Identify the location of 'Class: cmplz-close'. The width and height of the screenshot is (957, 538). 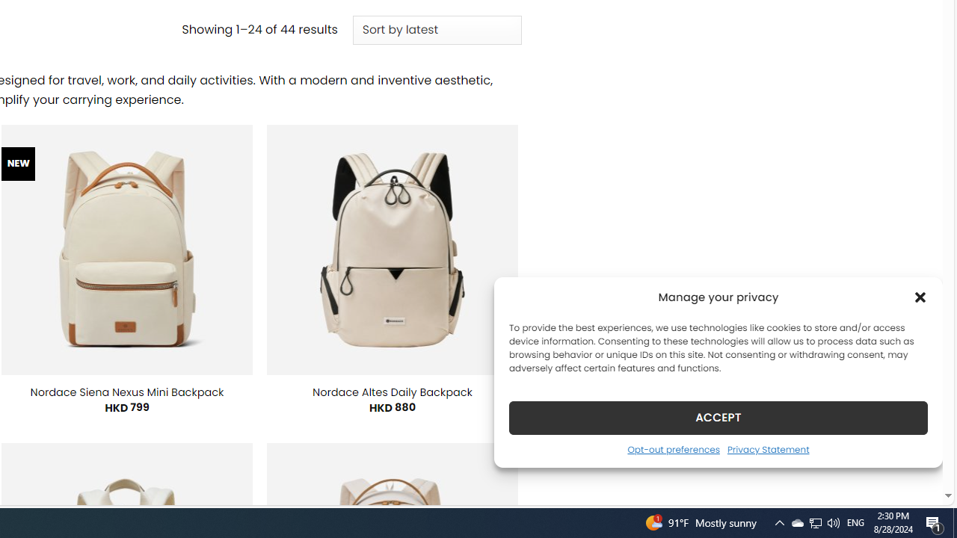
(920, 297).